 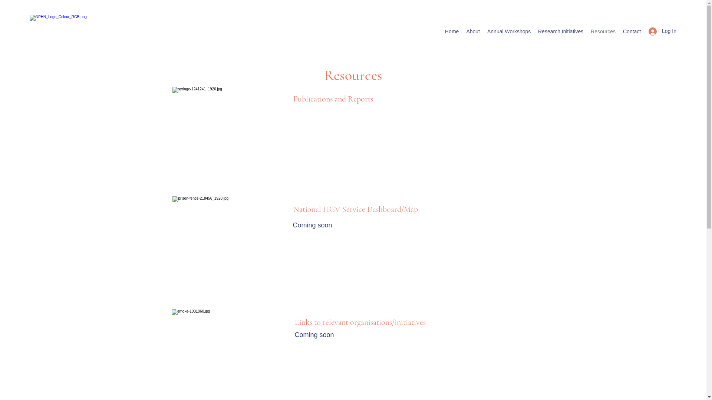 I want to click on 'Contact', so click(x=632, y=31).